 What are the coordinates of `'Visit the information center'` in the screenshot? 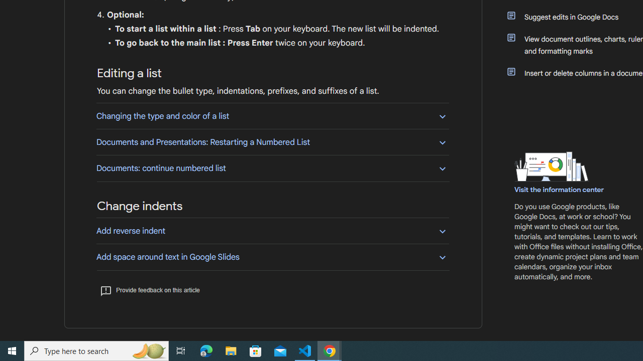 It's located at (559, 190).